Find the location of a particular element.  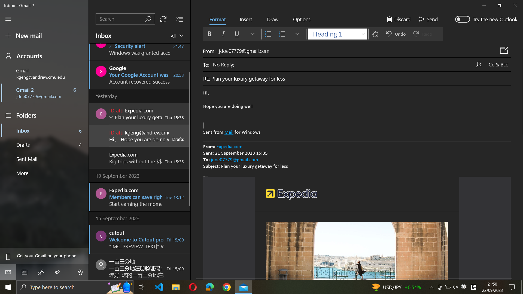

Change font style to Arial is located at coordinates (336, 33).